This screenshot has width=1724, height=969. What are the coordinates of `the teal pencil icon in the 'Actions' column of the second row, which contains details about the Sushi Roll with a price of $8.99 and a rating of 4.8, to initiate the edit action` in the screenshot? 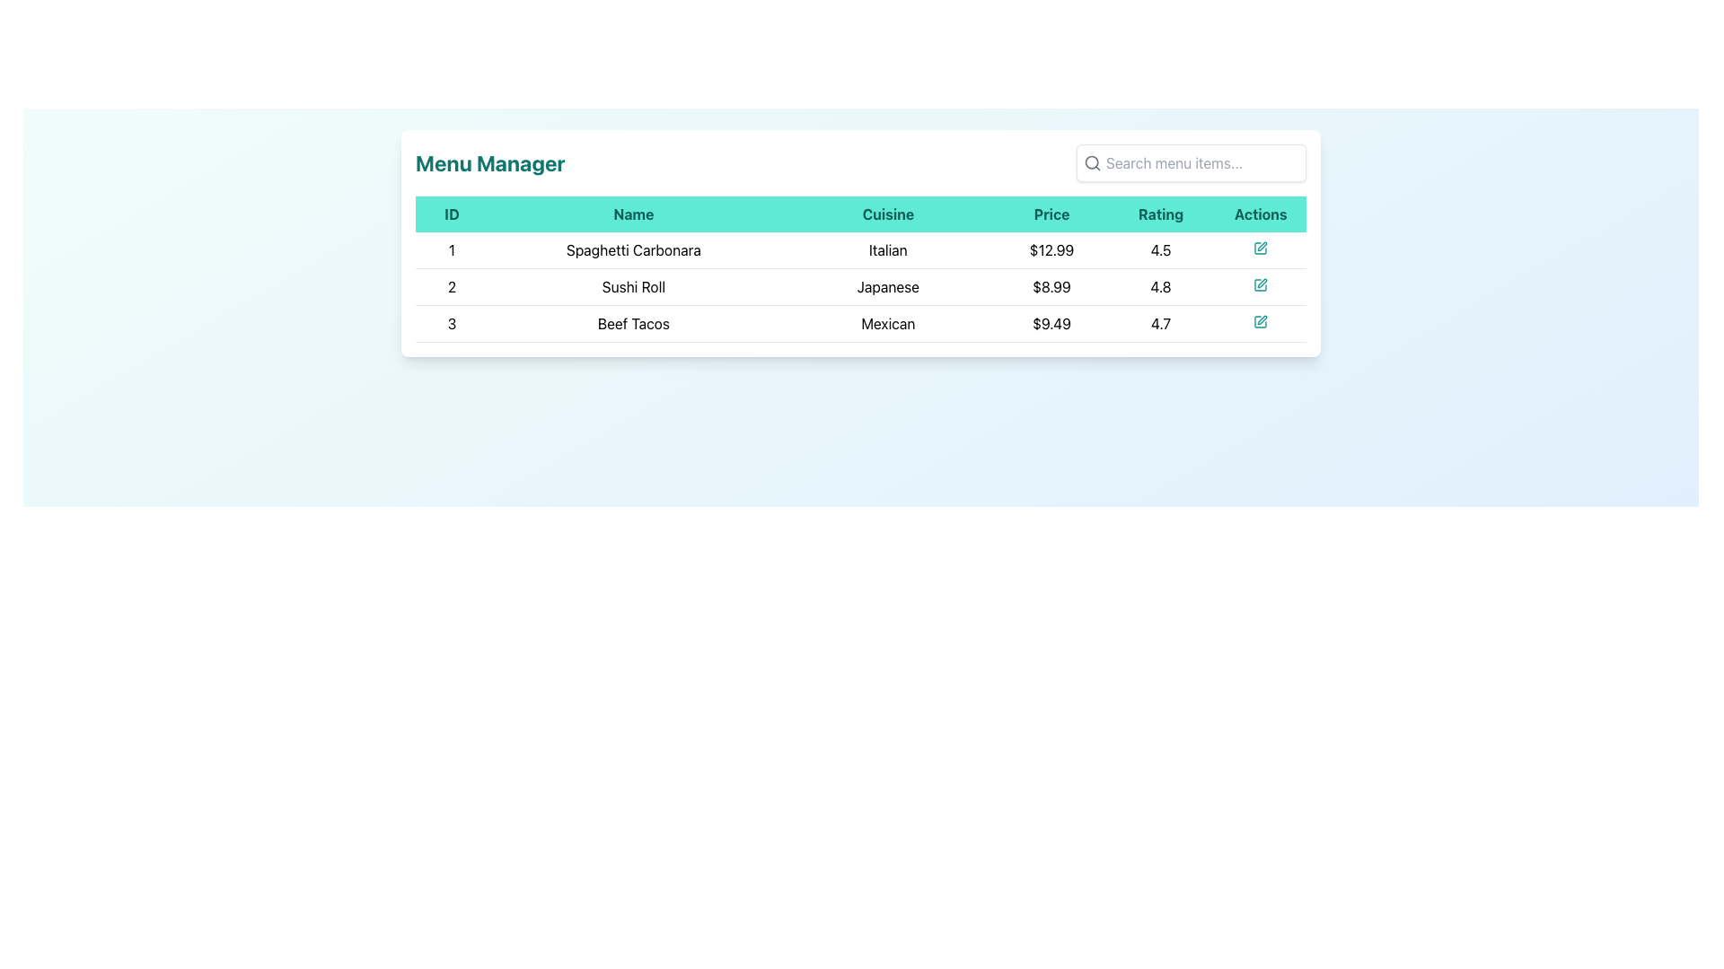 It's located at (1260, 286).